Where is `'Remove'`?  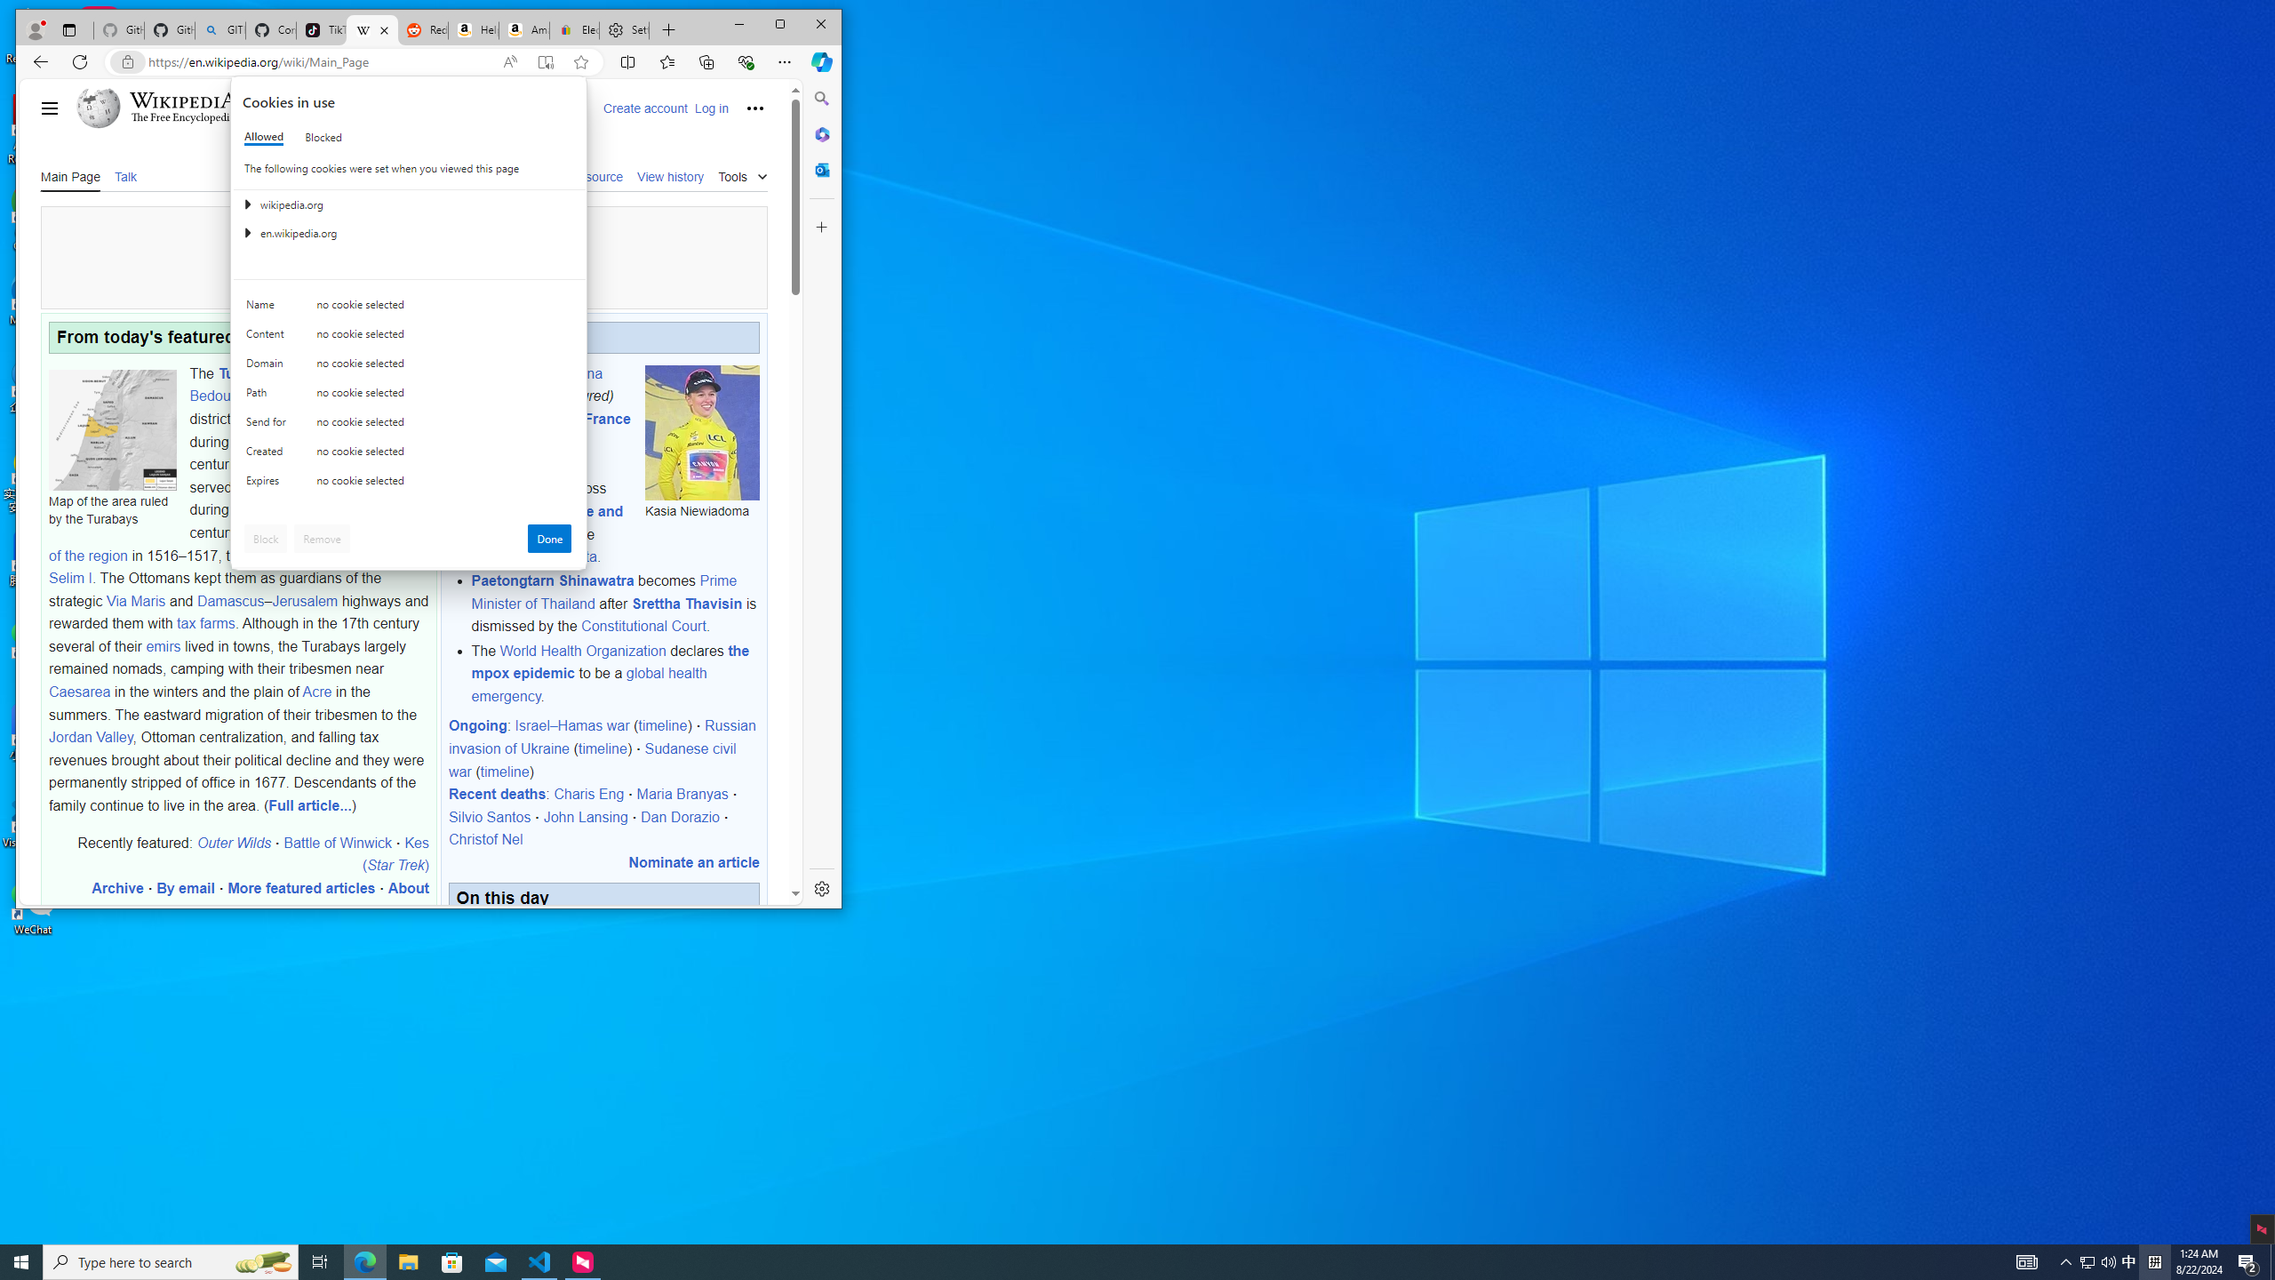
'Remove' is located at coordinates (322, 538).